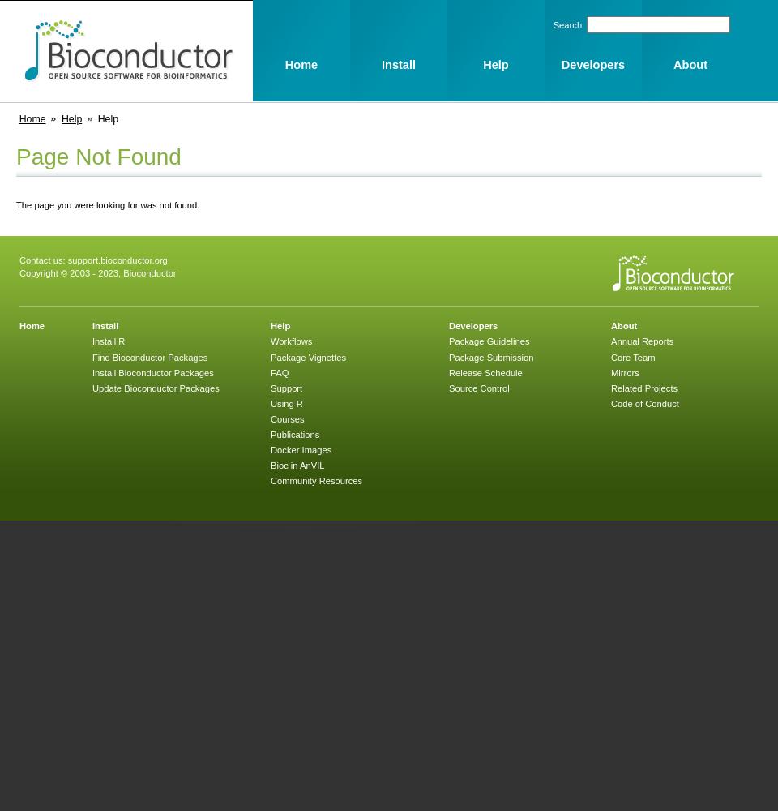  What do you see at coordinates (106, 204) in the screenshot?
I see `'The page you were looking for was not found.'` at bounding box center [106, 204].